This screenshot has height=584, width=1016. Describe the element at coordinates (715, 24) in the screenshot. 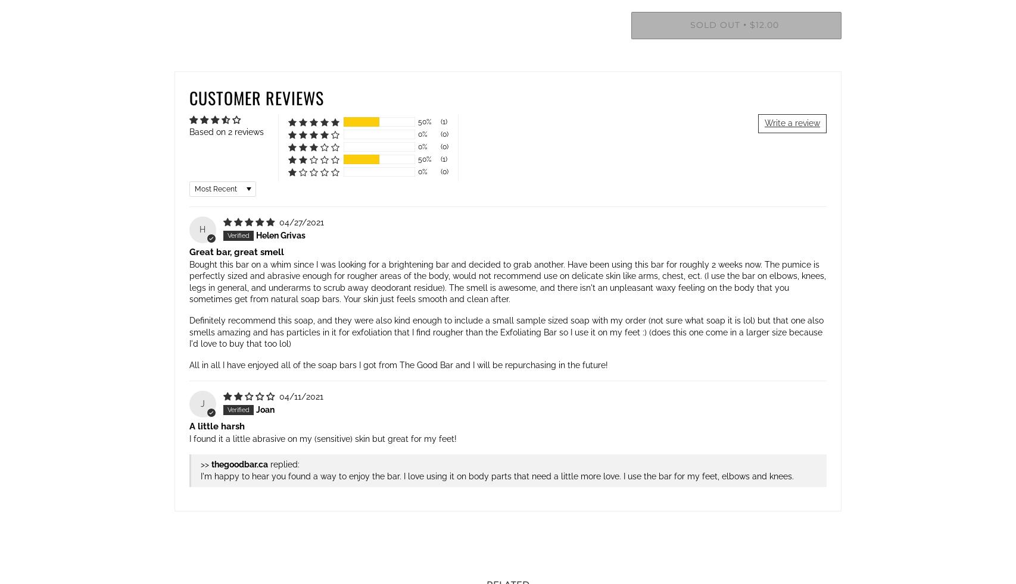

I see `'Sold Out'` at that location.